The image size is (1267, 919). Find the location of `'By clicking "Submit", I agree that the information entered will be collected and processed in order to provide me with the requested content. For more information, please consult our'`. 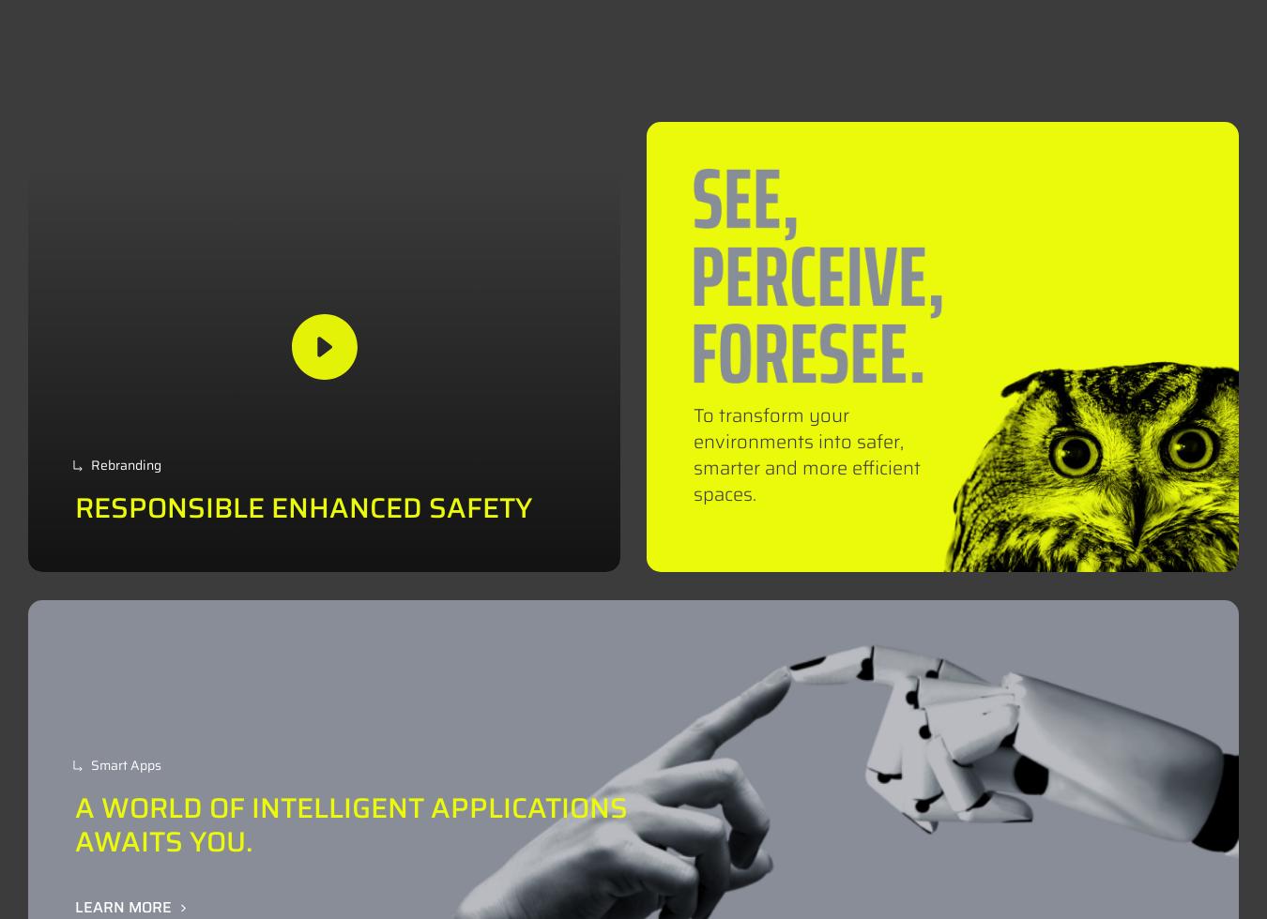

'By clicking "Submit", I agree that the information entered will be collected and processed in order to provide me with the requested content. For more information, please consult our' is located at coordinates (887, 329).